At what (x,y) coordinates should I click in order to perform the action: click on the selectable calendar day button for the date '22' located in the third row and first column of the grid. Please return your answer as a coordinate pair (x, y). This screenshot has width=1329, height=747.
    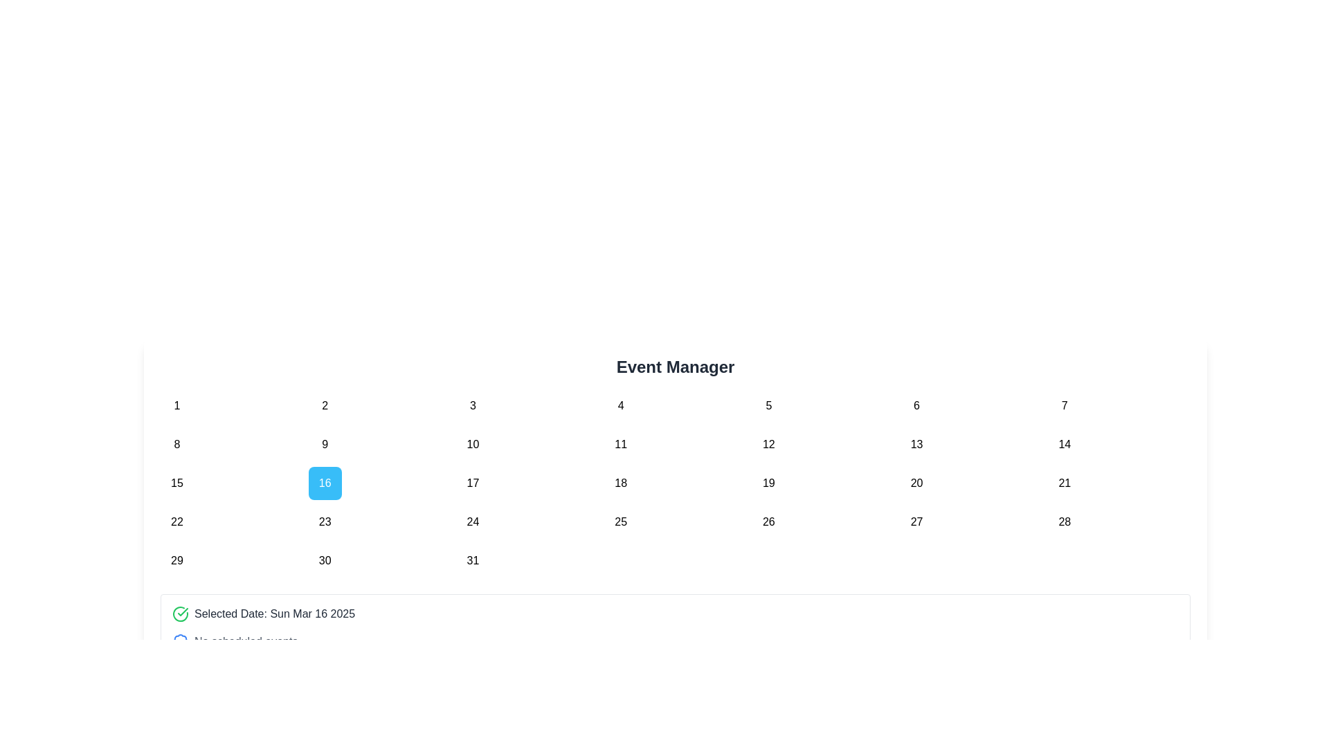
    Looking at the image, I should click on (176, 522).